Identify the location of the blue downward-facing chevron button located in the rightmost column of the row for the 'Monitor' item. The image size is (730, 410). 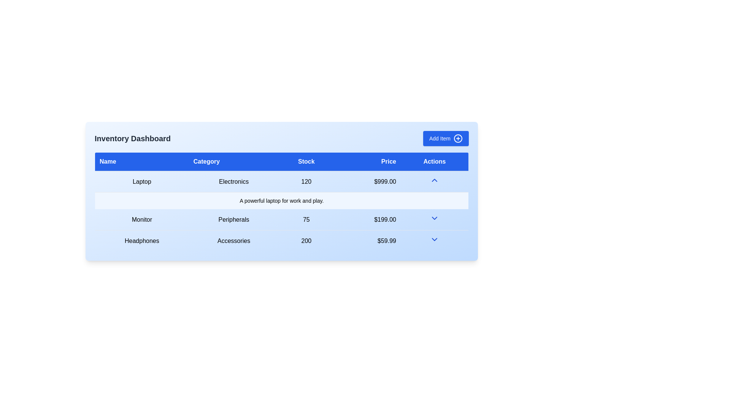
(435, 219).